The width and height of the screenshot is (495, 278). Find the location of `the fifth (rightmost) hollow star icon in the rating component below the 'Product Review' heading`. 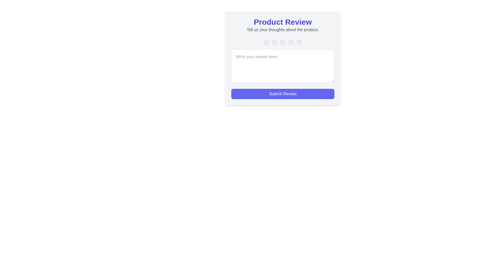

the fifth (rightmost) hollow star icon in the rating component below the 'Product Review' heading is located at coordinates (299, 41).